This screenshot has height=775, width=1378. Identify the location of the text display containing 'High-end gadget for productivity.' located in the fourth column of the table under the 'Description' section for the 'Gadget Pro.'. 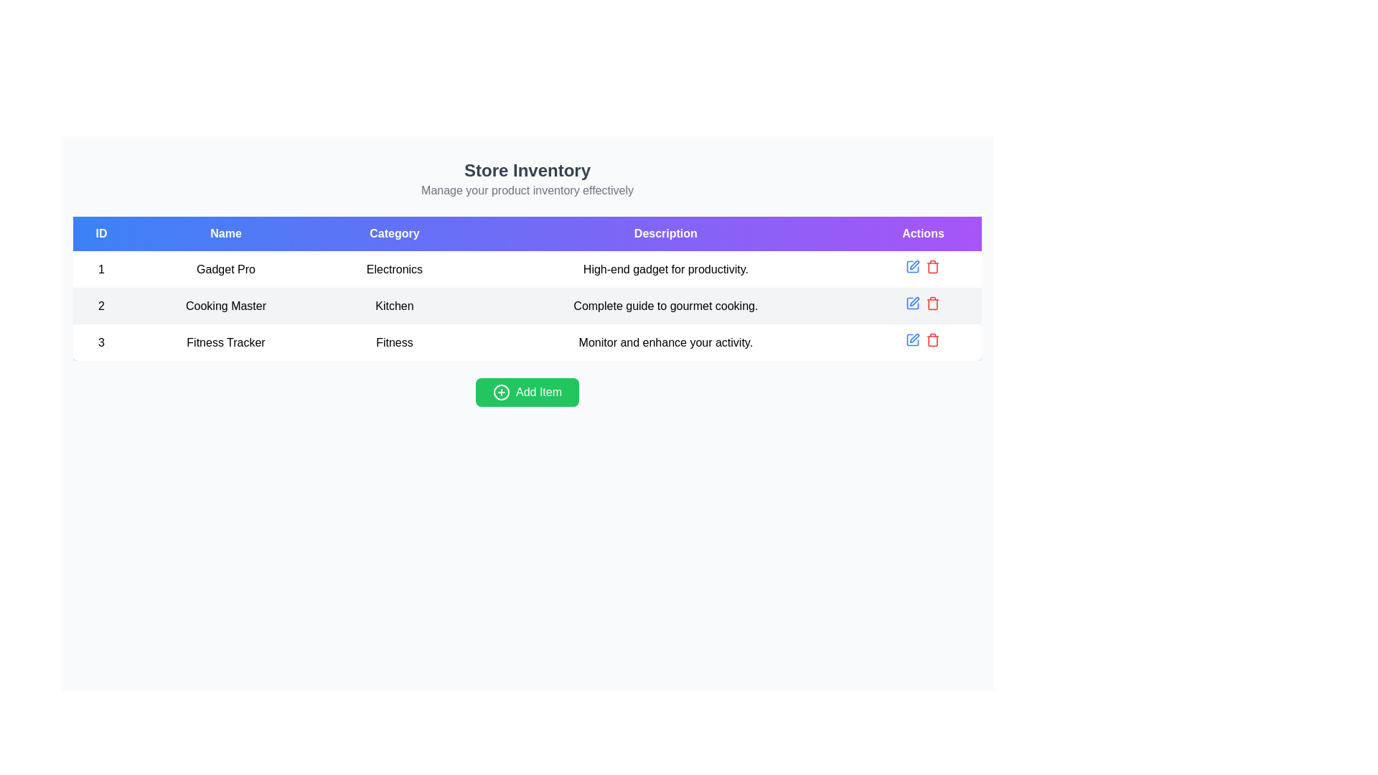
(665, 269).